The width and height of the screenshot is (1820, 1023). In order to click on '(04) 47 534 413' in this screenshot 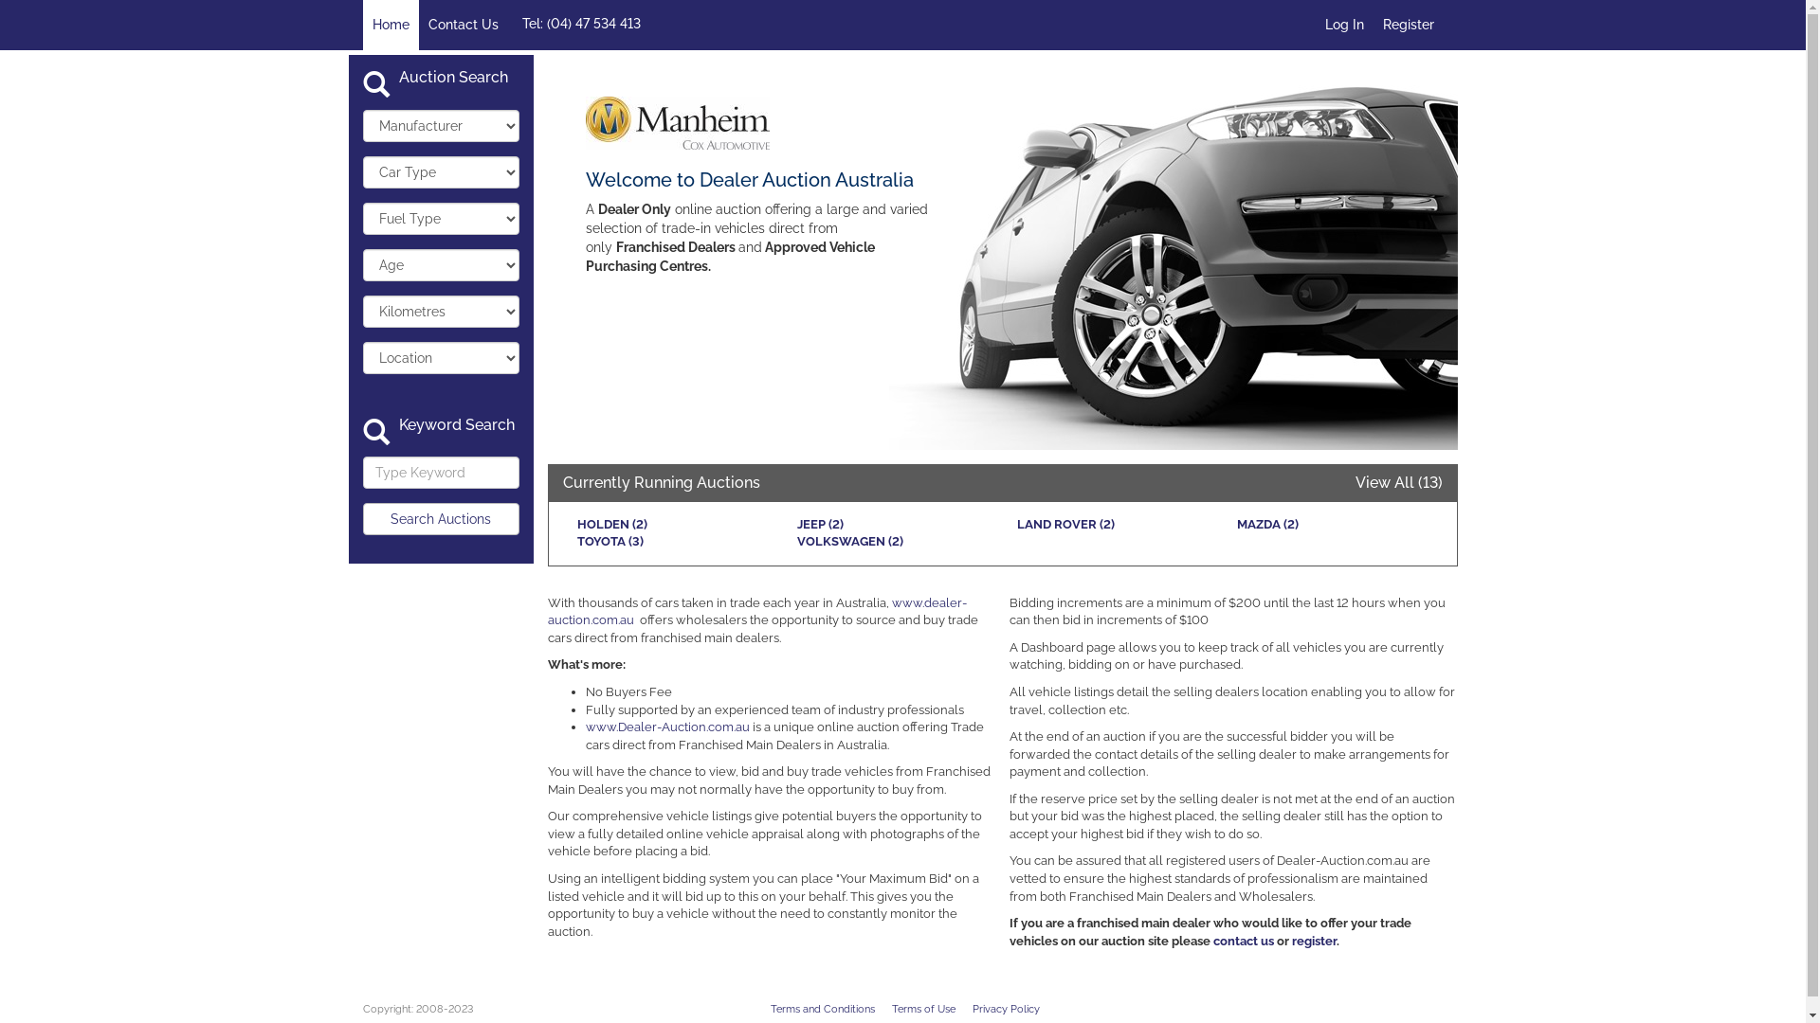, I will do `click(545, 23)`.